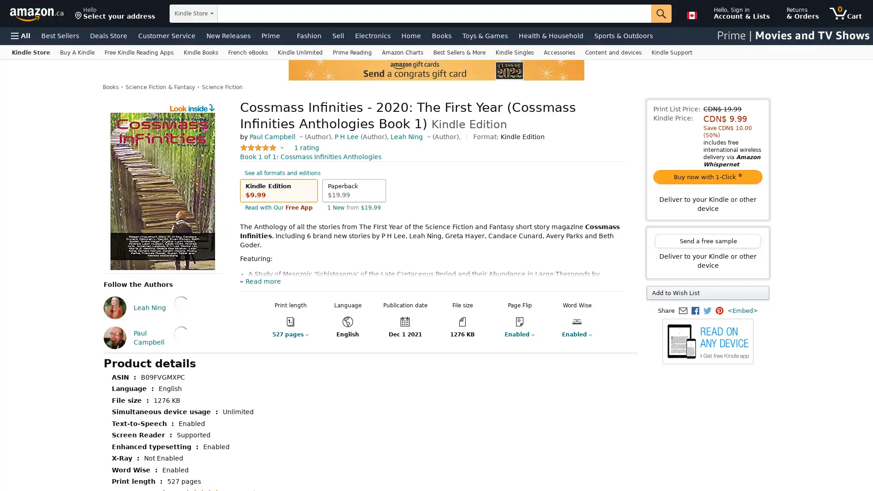 The image size is (873, 491). What do you see at coordinates (20, 35) in the screenshot?
I see `Open Menu` at bounding box center [20, 35].